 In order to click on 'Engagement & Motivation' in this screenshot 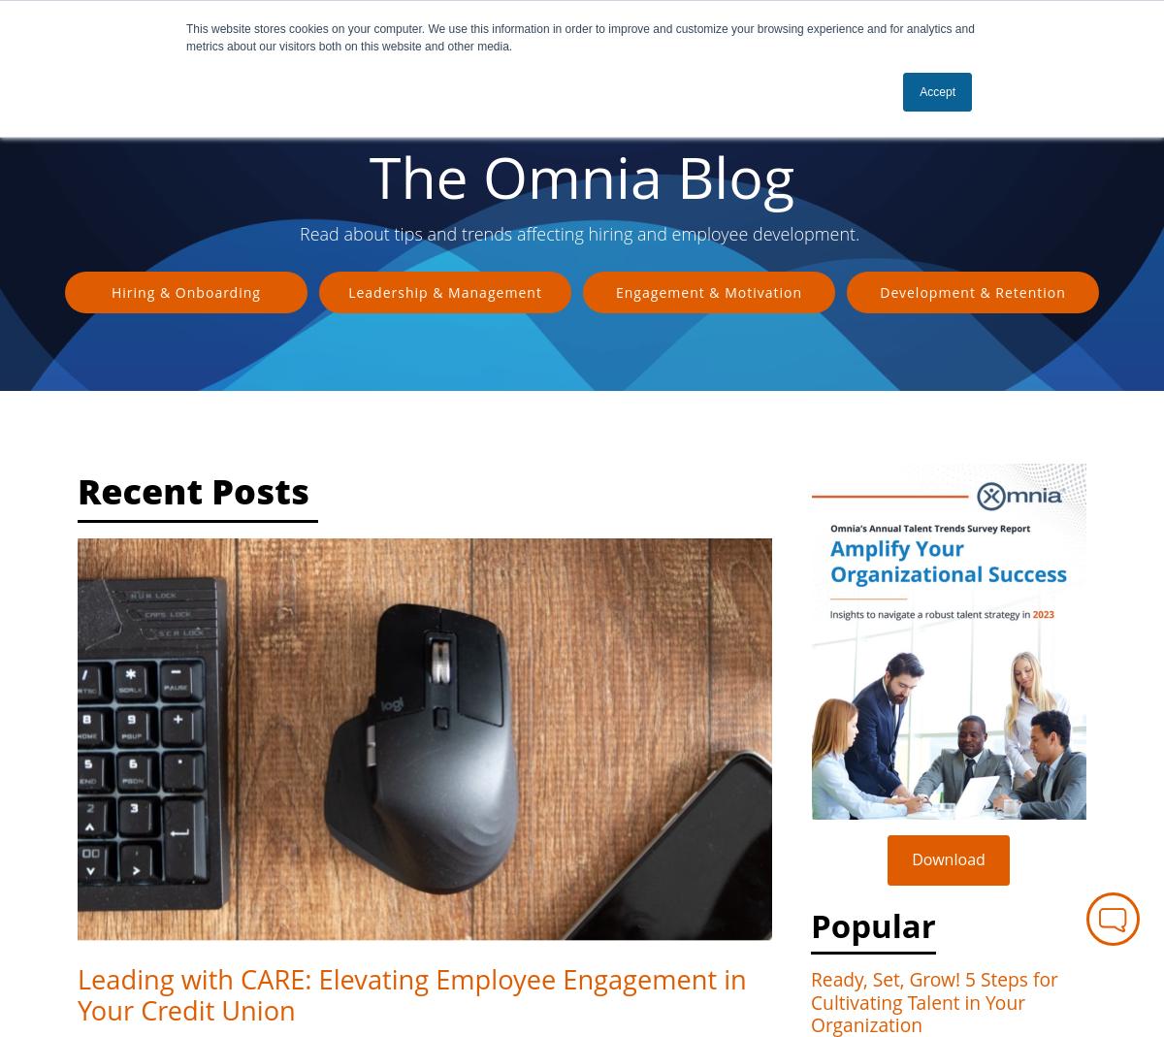, I will do `click(708, 290)`.